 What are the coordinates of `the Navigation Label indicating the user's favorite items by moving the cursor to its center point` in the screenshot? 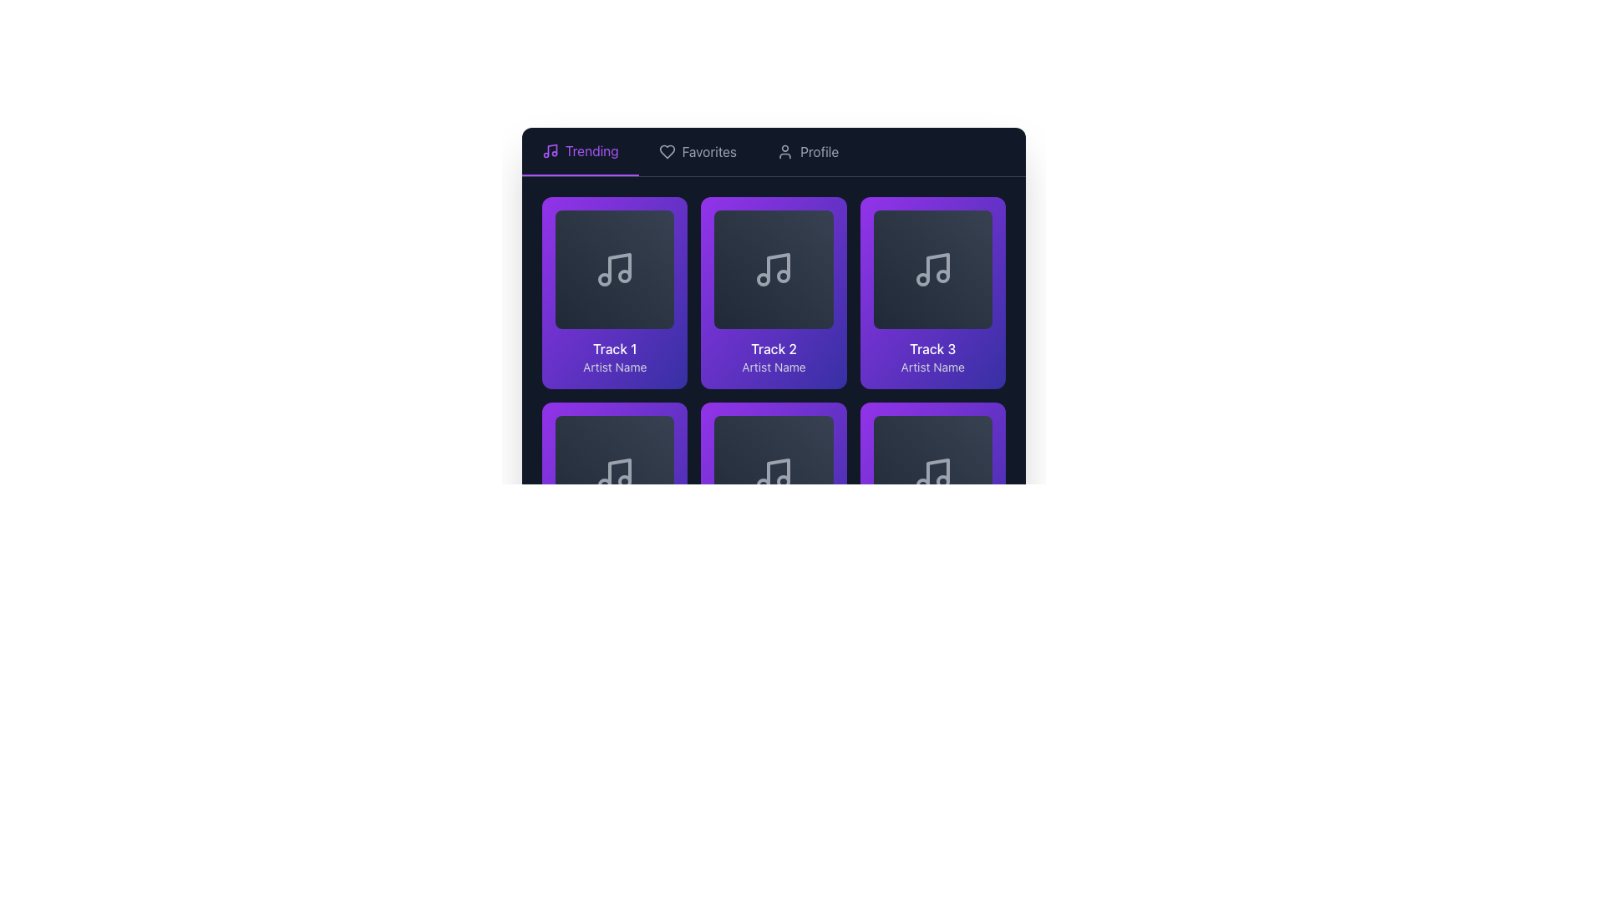 It's located at (709, 151).